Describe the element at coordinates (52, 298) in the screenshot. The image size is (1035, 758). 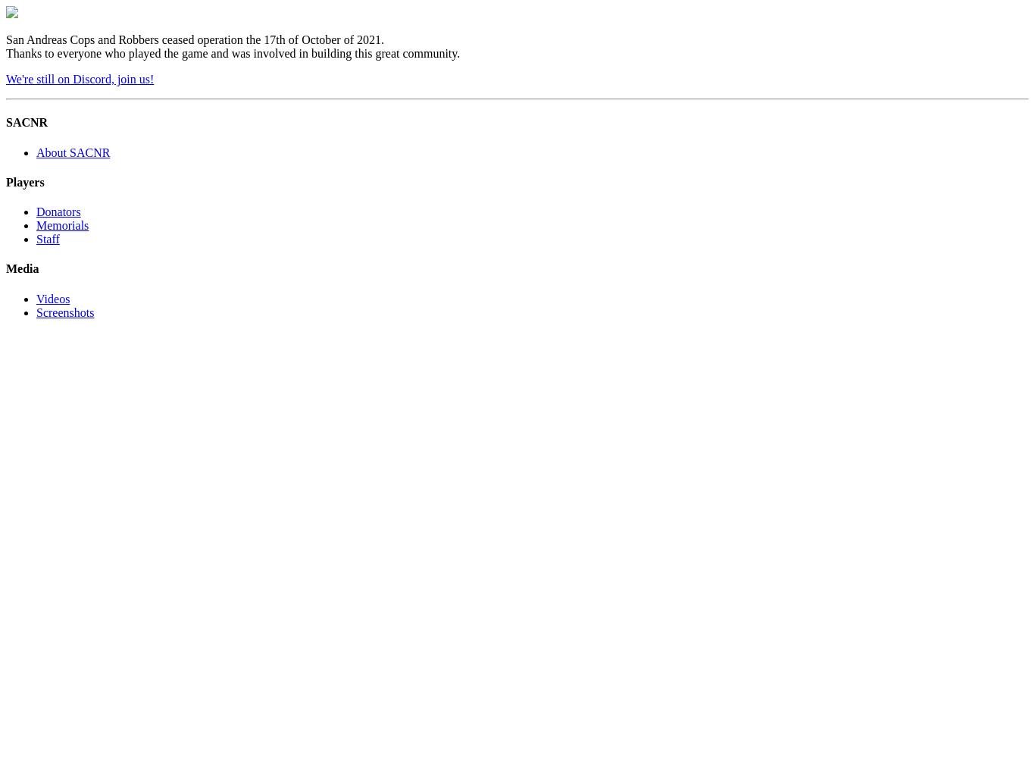
I see `'Videos'` at that location.